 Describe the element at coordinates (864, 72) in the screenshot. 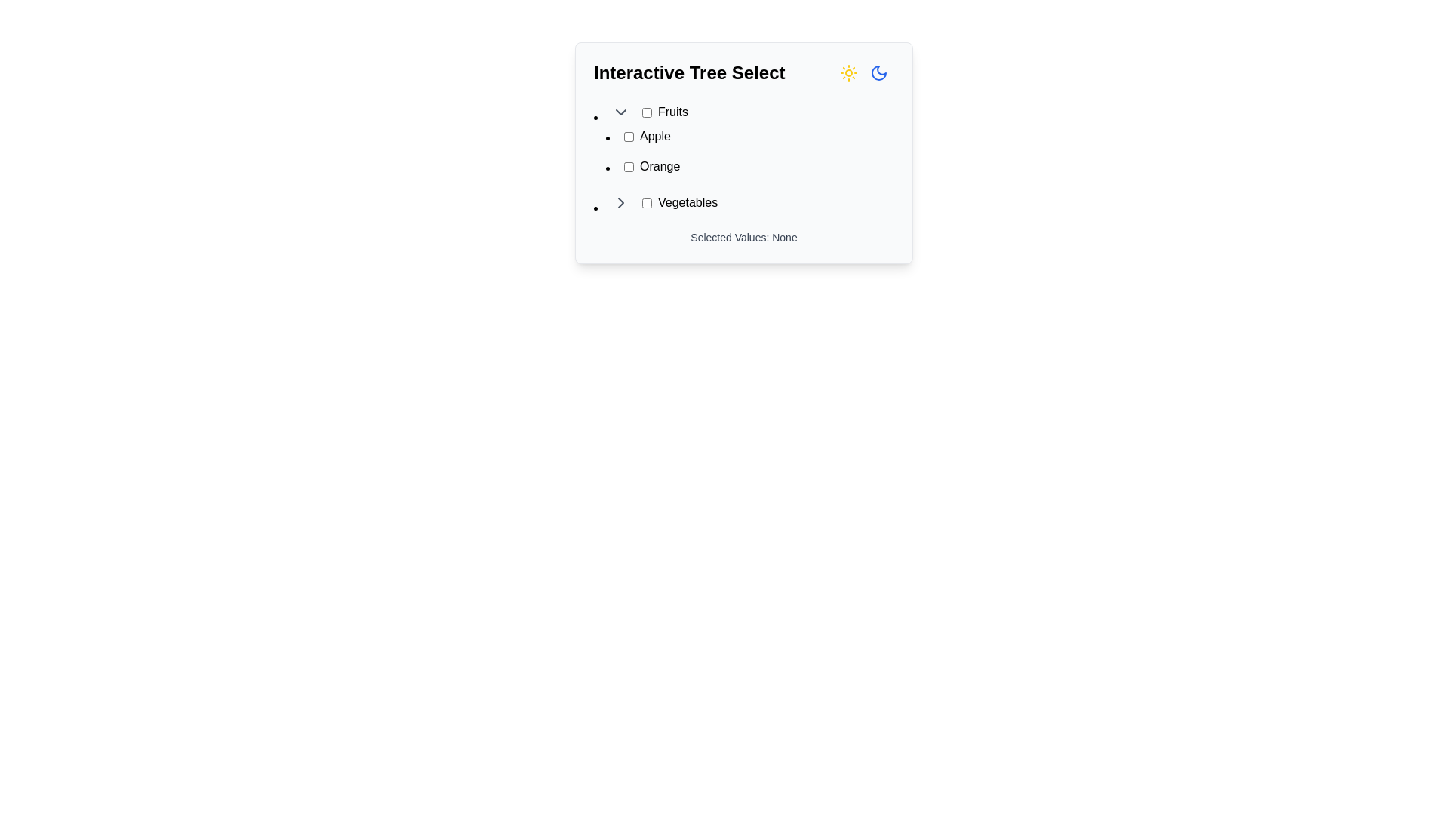

I see `the second icon` at that location.